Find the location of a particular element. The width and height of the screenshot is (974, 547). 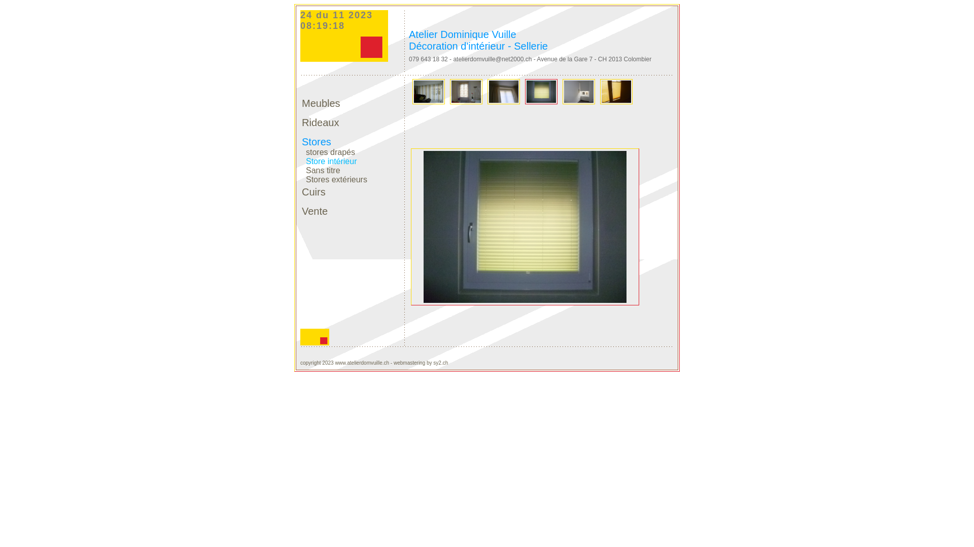

'Meubles ' is located at coordinates (322, 103).